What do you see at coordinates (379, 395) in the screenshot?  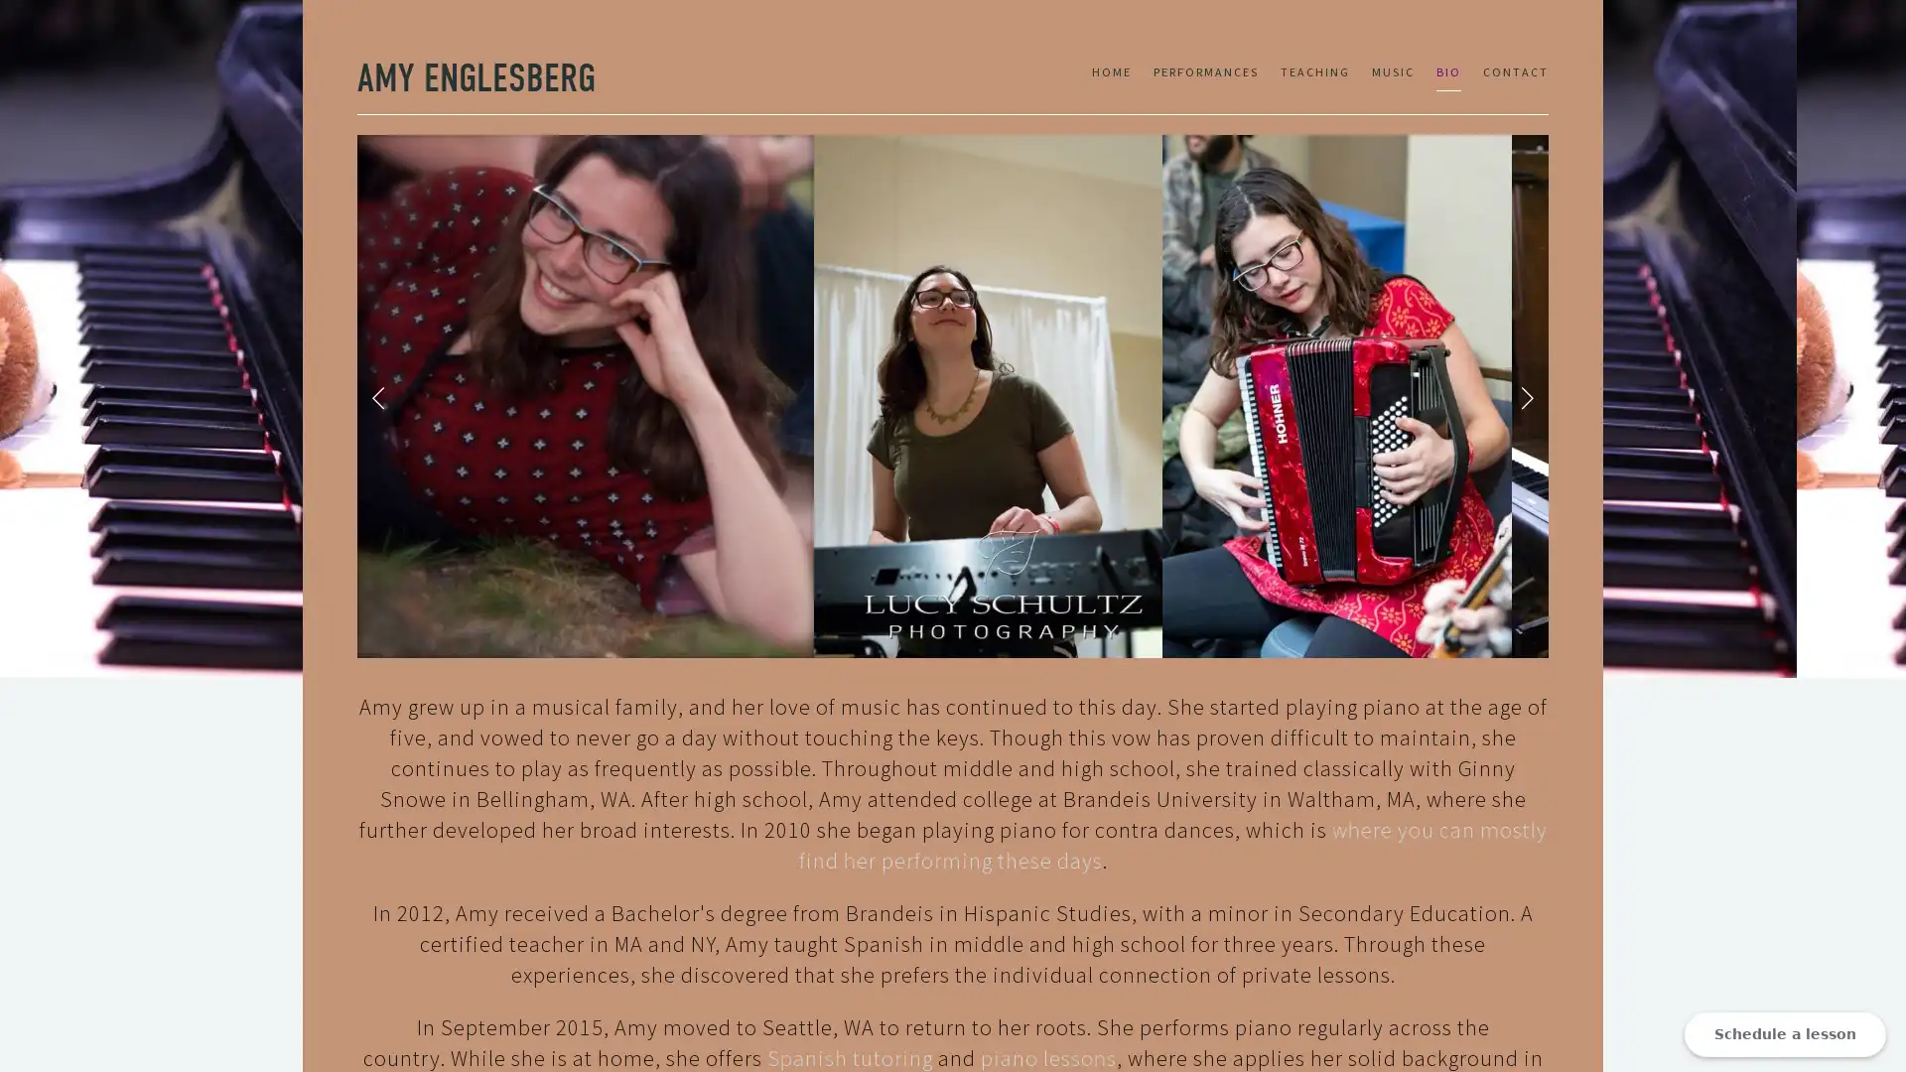 I see `Previous Slide` at bounding box center [379, 395].